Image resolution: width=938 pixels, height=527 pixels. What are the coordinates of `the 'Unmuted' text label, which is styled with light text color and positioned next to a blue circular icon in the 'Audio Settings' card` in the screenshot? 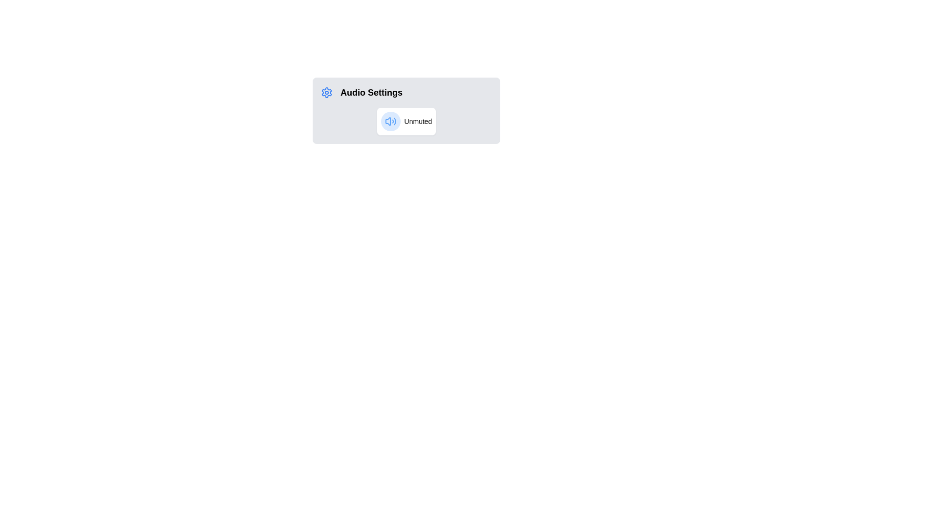 It's located at (418, 121).